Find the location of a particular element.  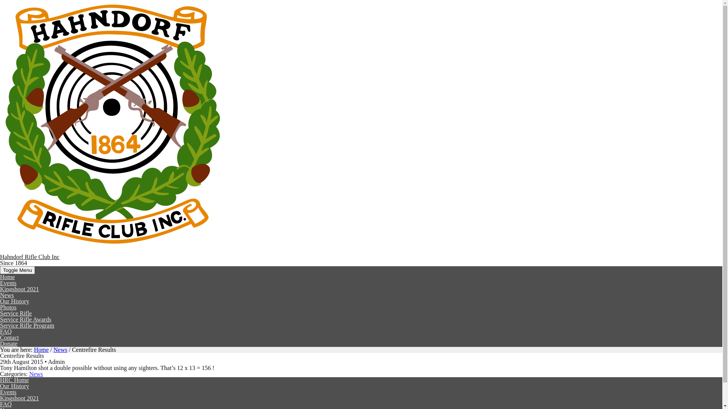

'News' is located at coordinates (36, 373).